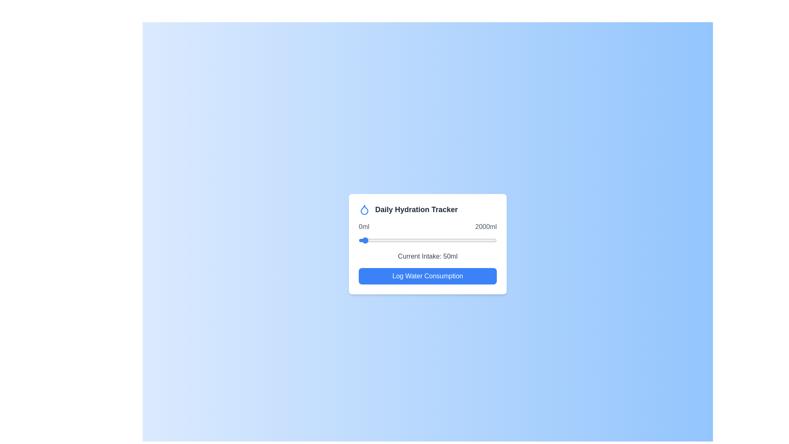 This screenshot has height=444, width=789. I want to click on the 'Log Water Consumption' button, so click(427, 276).